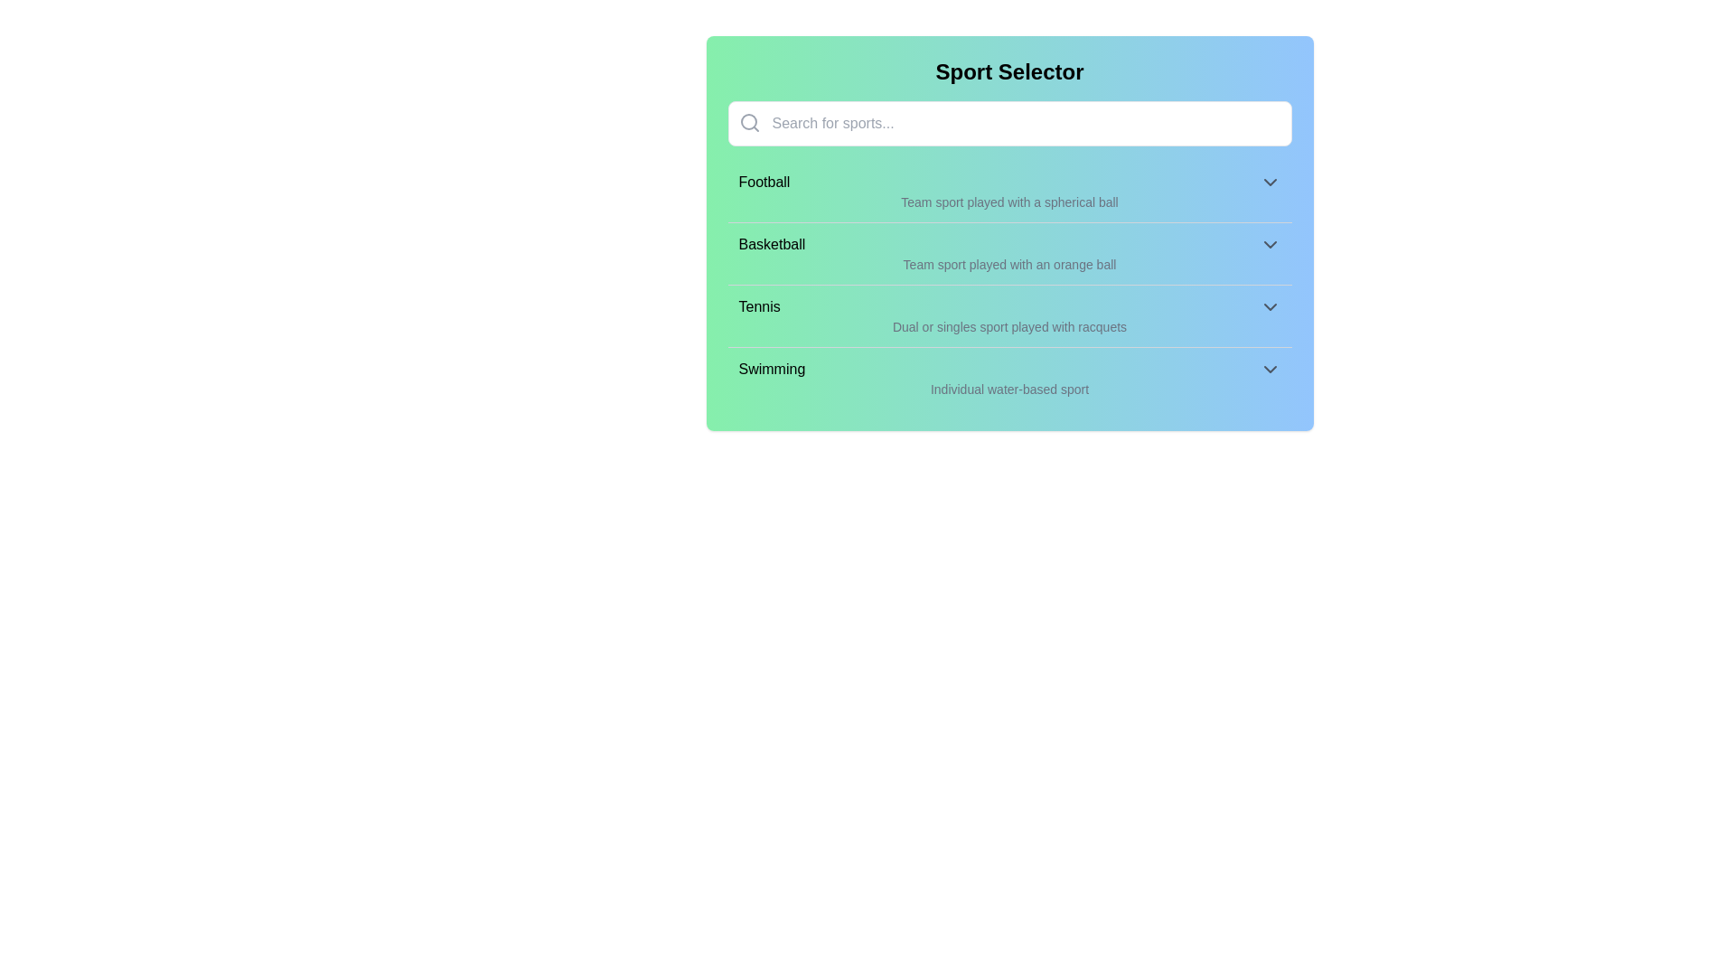 The image size is (1735, 976). What do you see at coordinates (749, 122) in the screenshot?
I see `the search input field adjacent to the gray magnifying glass icon located at the top-left corner of the search input field` at bounding box center [749, 122].